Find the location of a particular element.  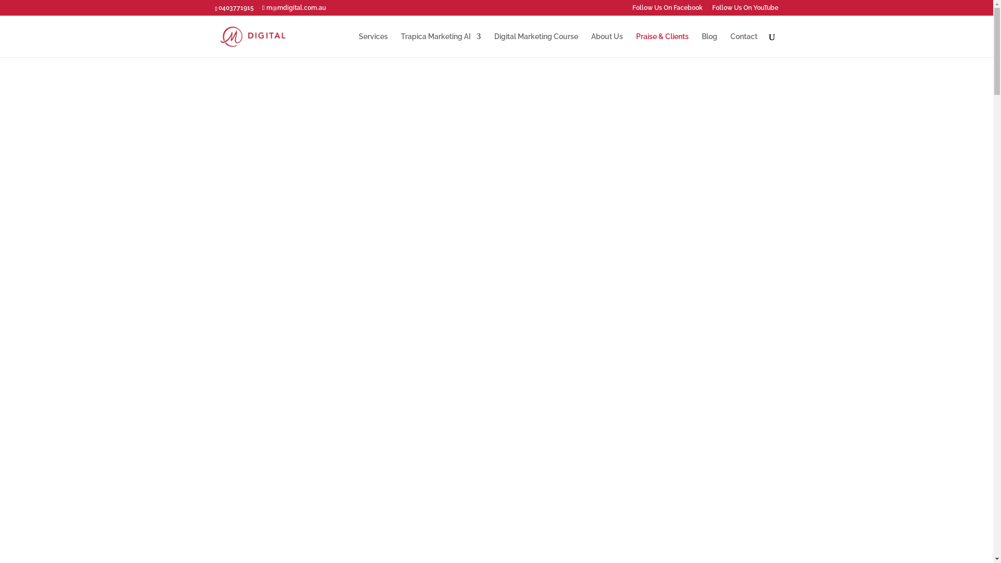

'Blog' is located at coordinates (709, 44).